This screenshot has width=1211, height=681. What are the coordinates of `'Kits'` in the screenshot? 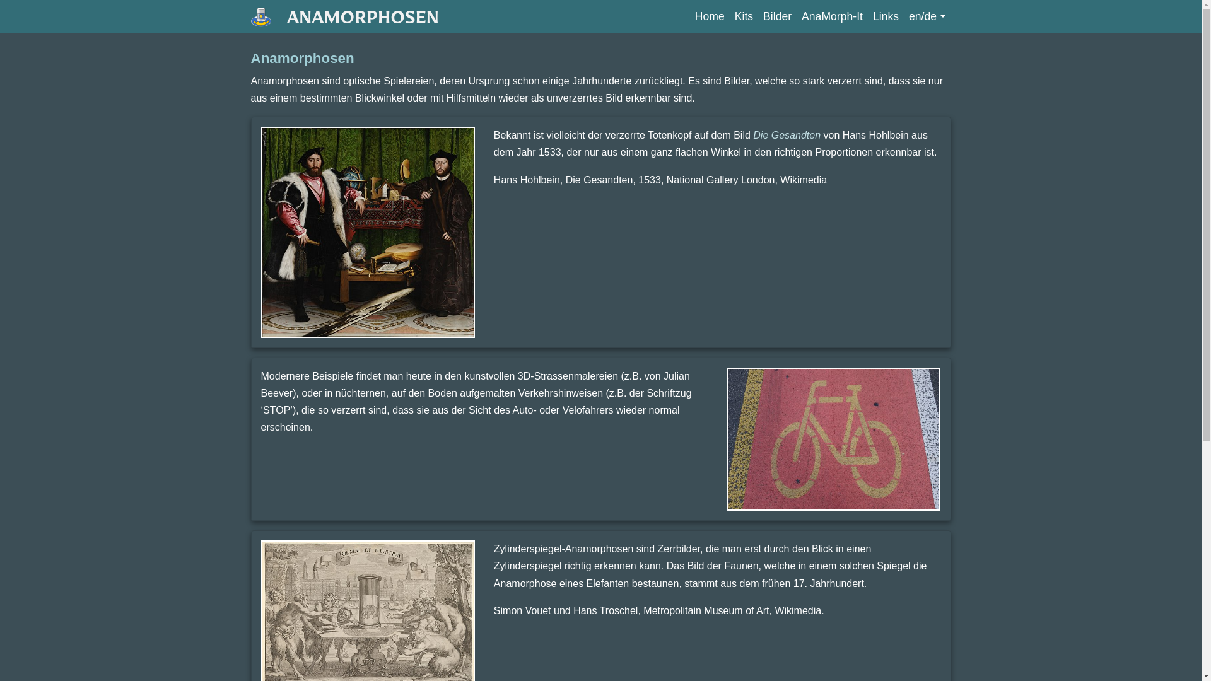 It's located at (744, 16).